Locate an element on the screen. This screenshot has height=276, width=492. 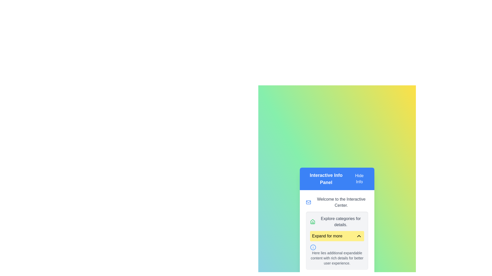
the static text element located inside a yellow rectangle at the lower section of the panel, which serves as a label indicating expandable content is located at coordinates (327, 236).